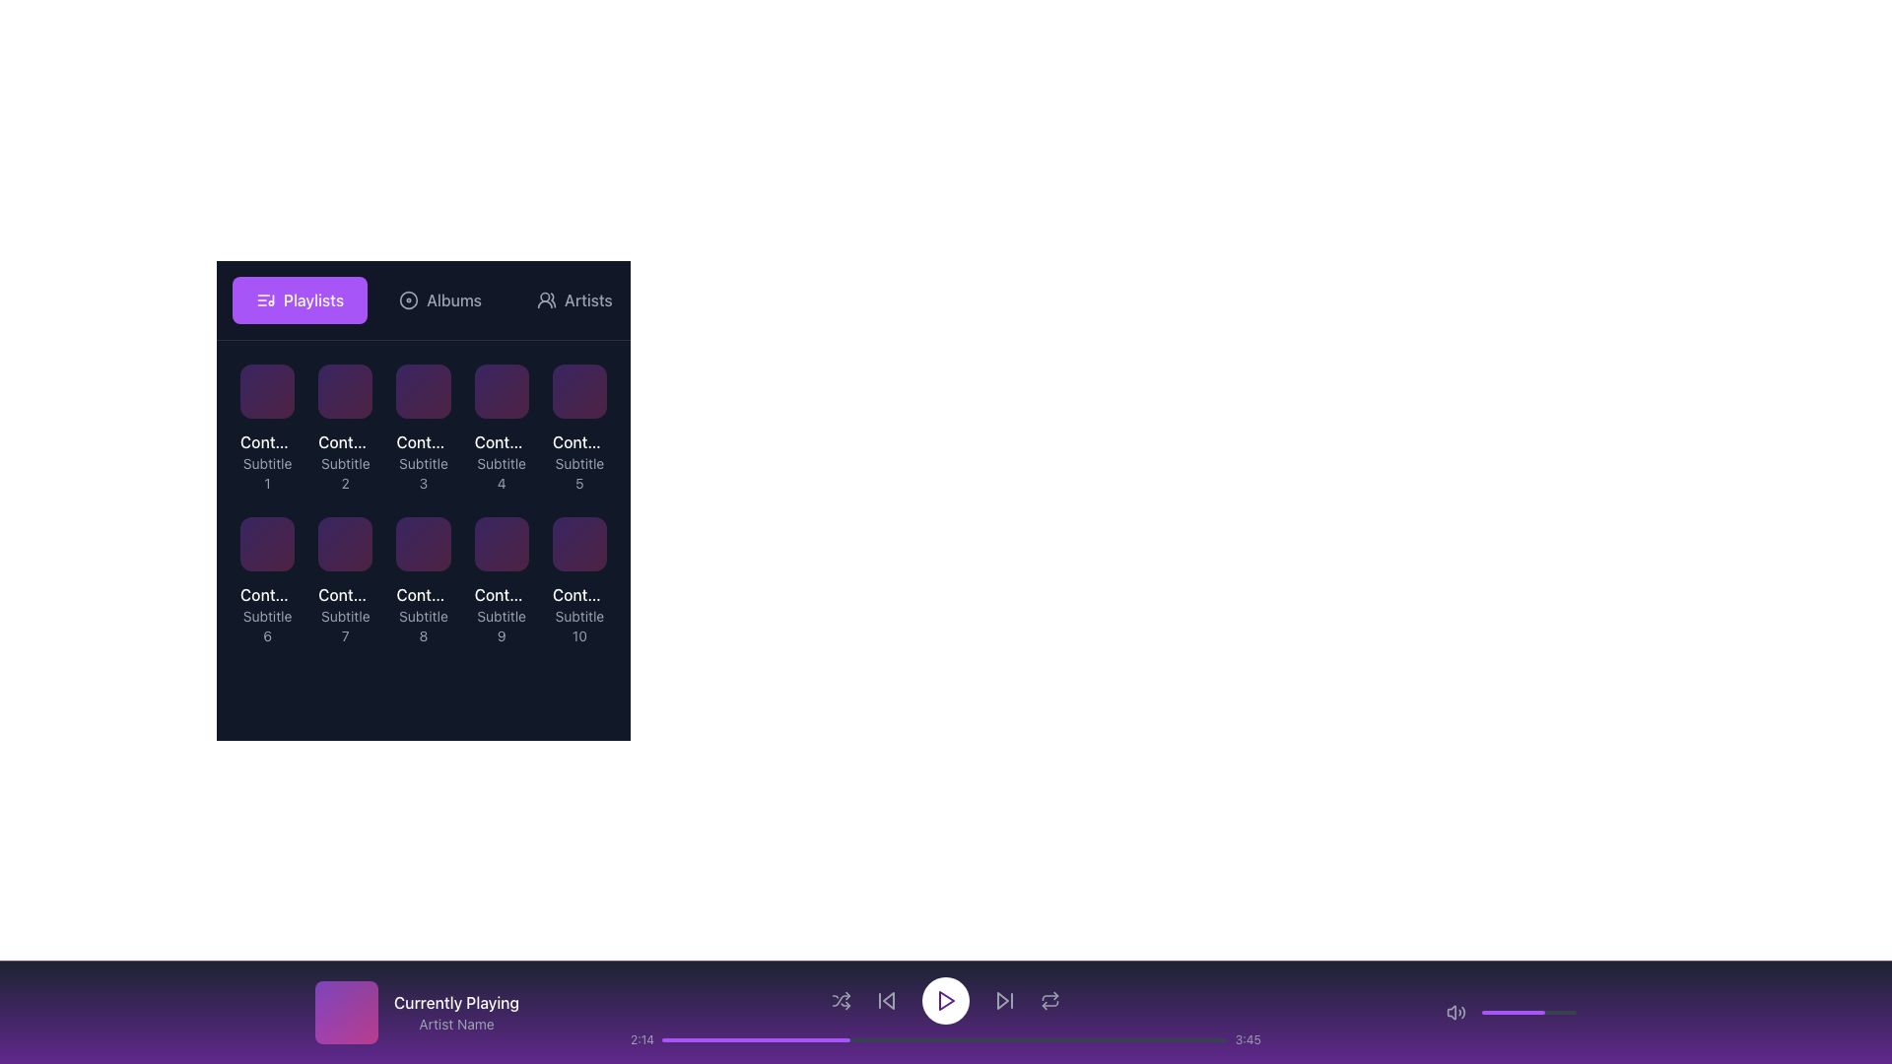 Image resolution: width=1892 pixels, height=1064 pixels. I want to click on the icon button resembling a group of people in the navigation bar, so click(547, 299).